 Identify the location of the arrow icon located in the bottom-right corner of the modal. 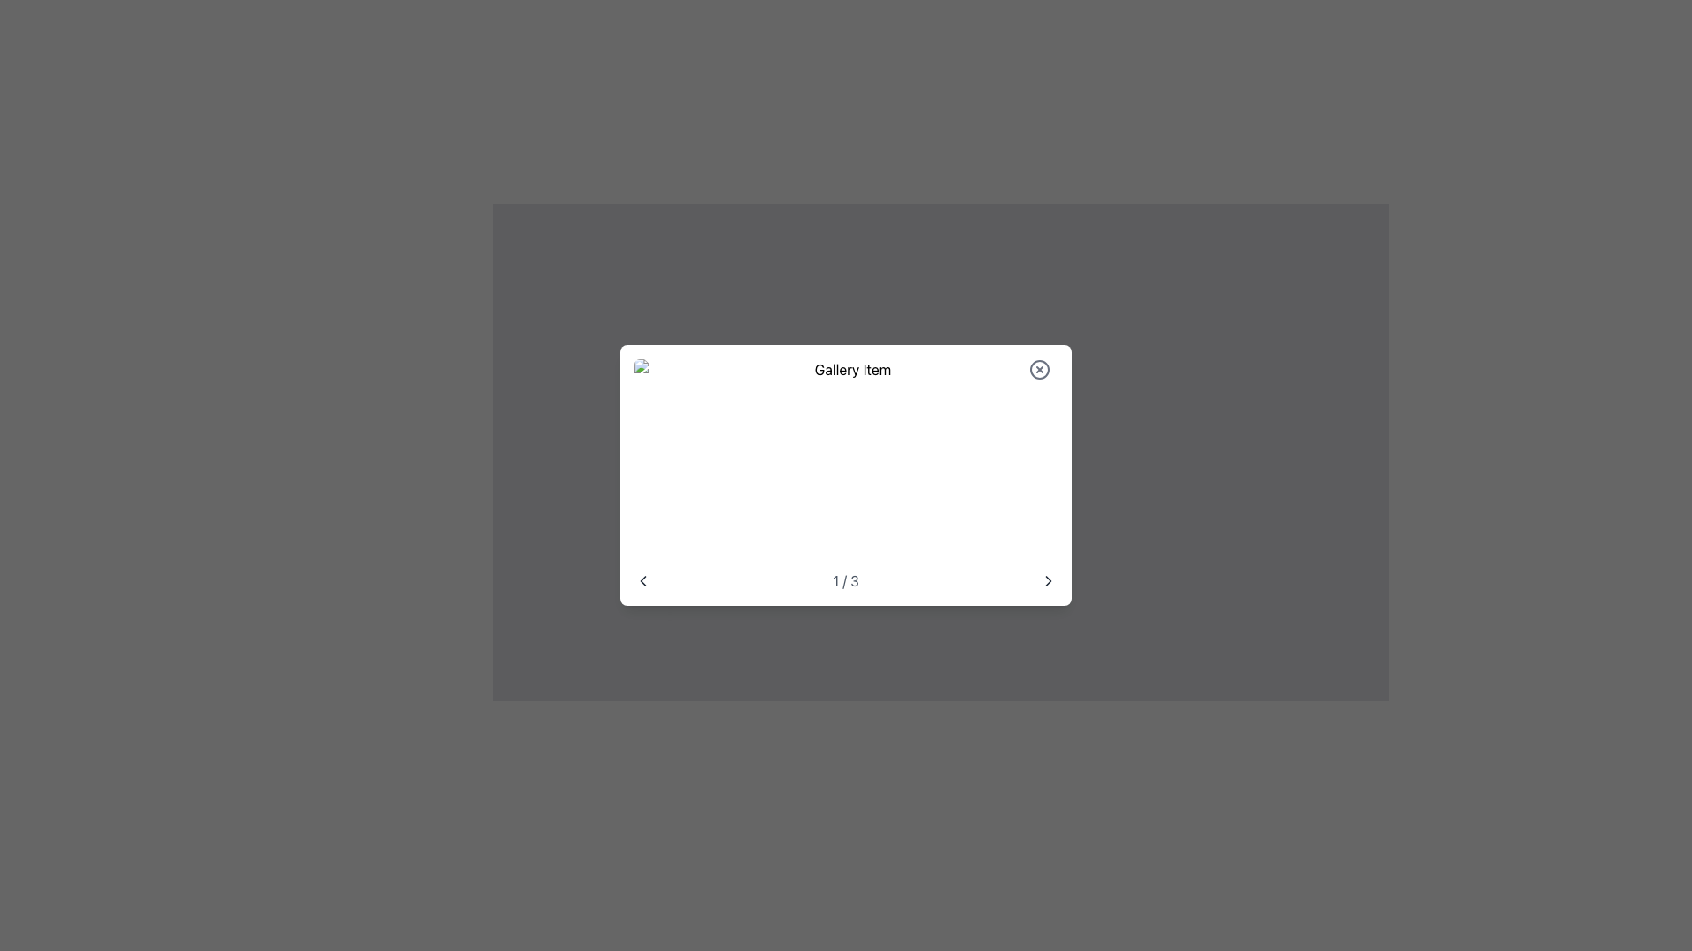
(1049, 580).